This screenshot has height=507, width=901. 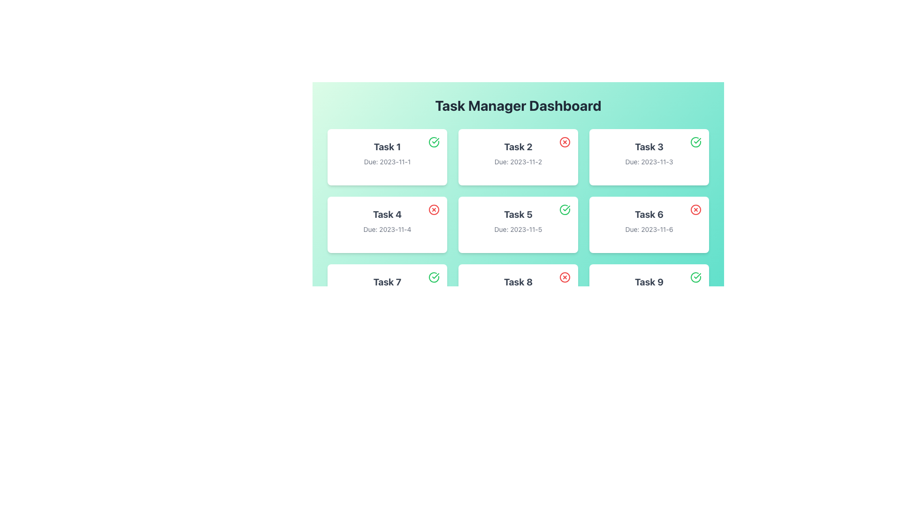 What do you see at coordinates (434, 277) in the screenshot?
I see `the green circular segment of the 'completed' indicator, which is part of the Task 7 icon located in the bottom-left cell of the grid layout` at bounding box center [434, 277].